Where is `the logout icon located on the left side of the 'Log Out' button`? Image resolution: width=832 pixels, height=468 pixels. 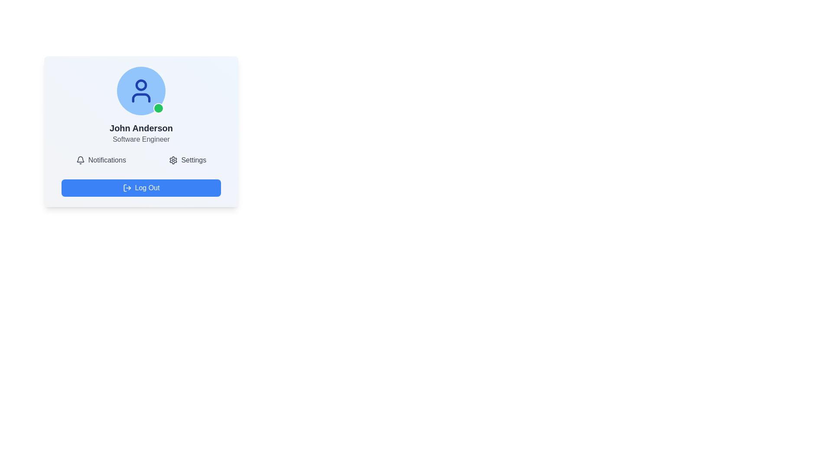
the logout icon located on the left side of the 'Log Out' button is located at coordinates (127, 188).